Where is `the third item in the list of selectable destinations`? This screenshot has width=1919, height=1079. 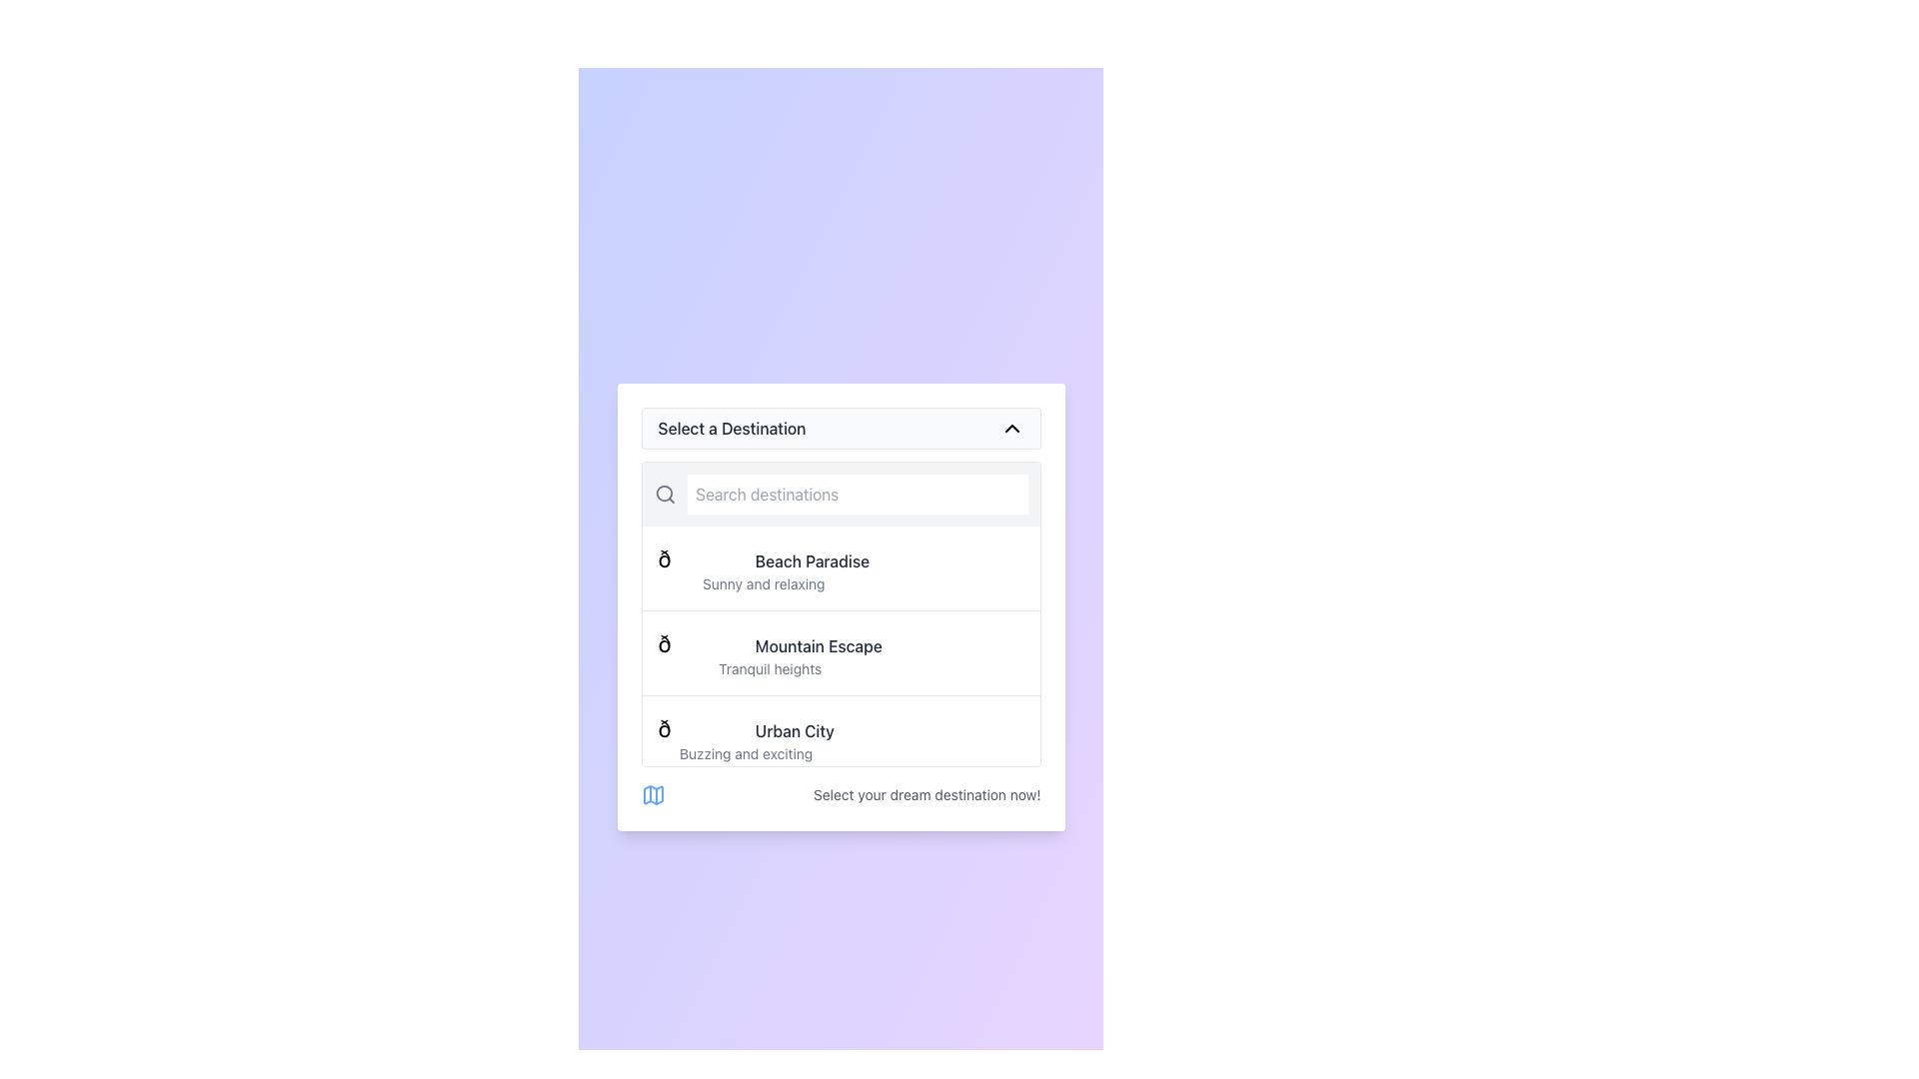 the third item in the list of selectable destinations is located at coordinates (841, 737).